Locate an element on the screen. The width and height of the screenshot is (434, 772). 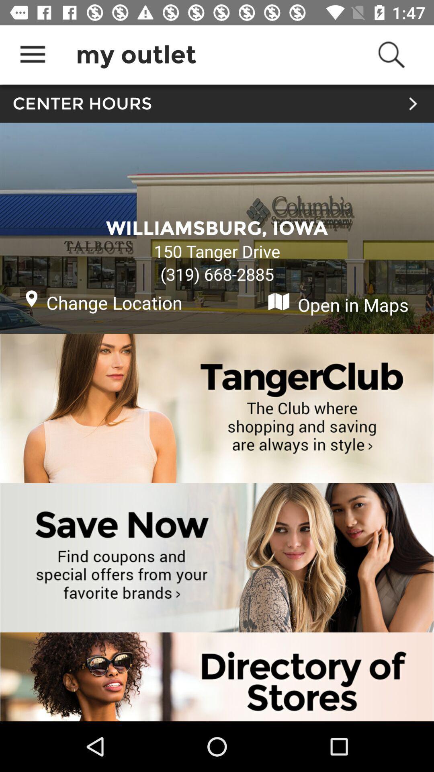
the (319) 668-2885 item is located at coordinates (217, 274).